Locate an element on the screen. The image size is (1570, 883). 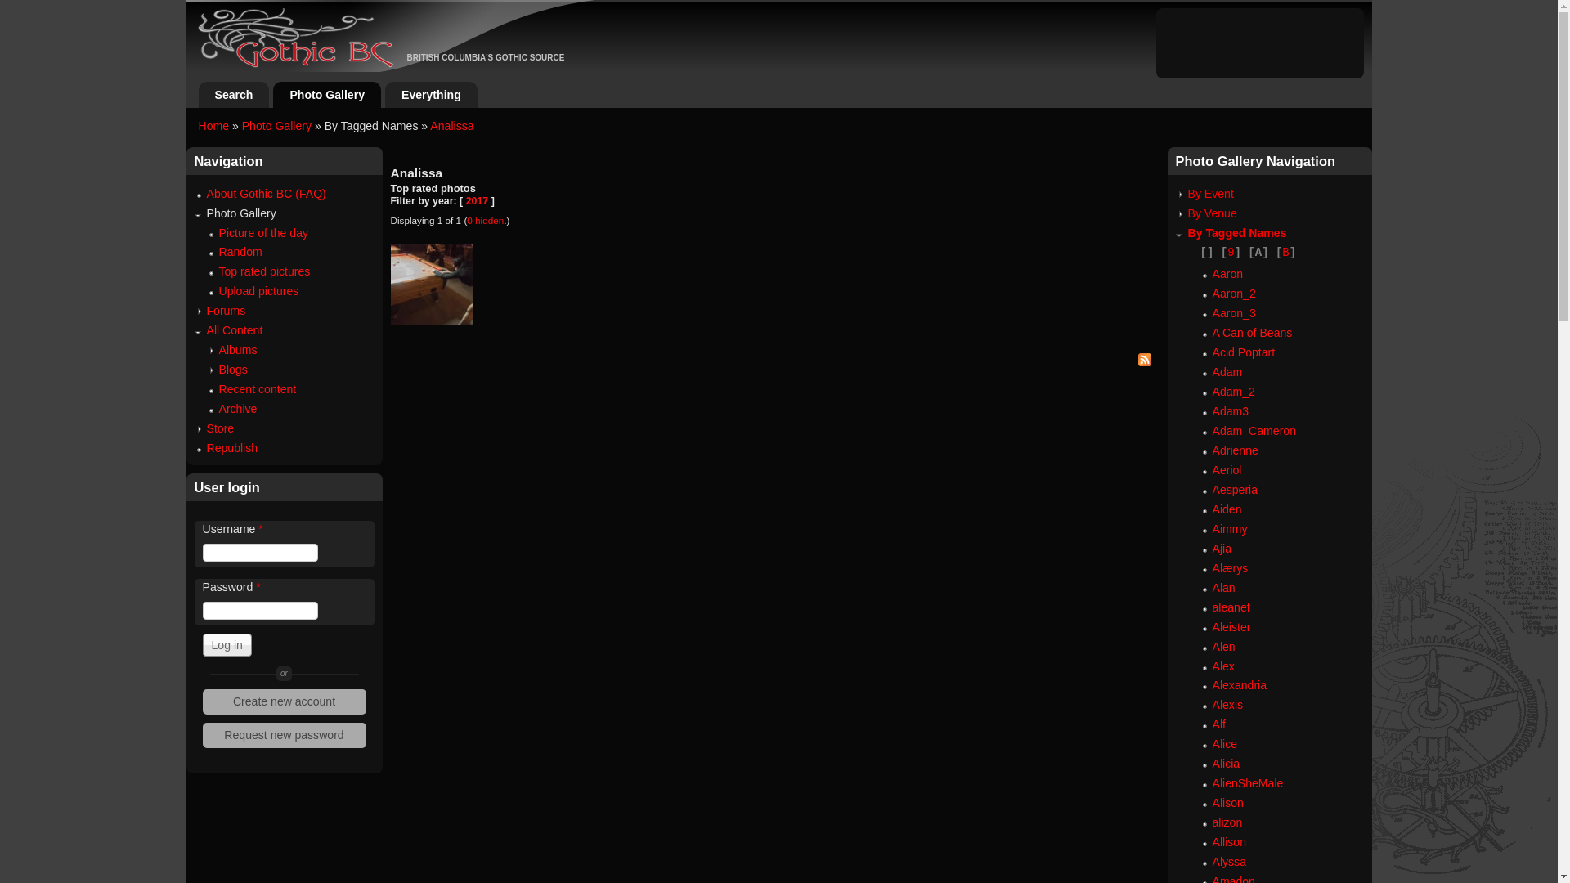
'Alison' is located at coordinates (1227, 802).